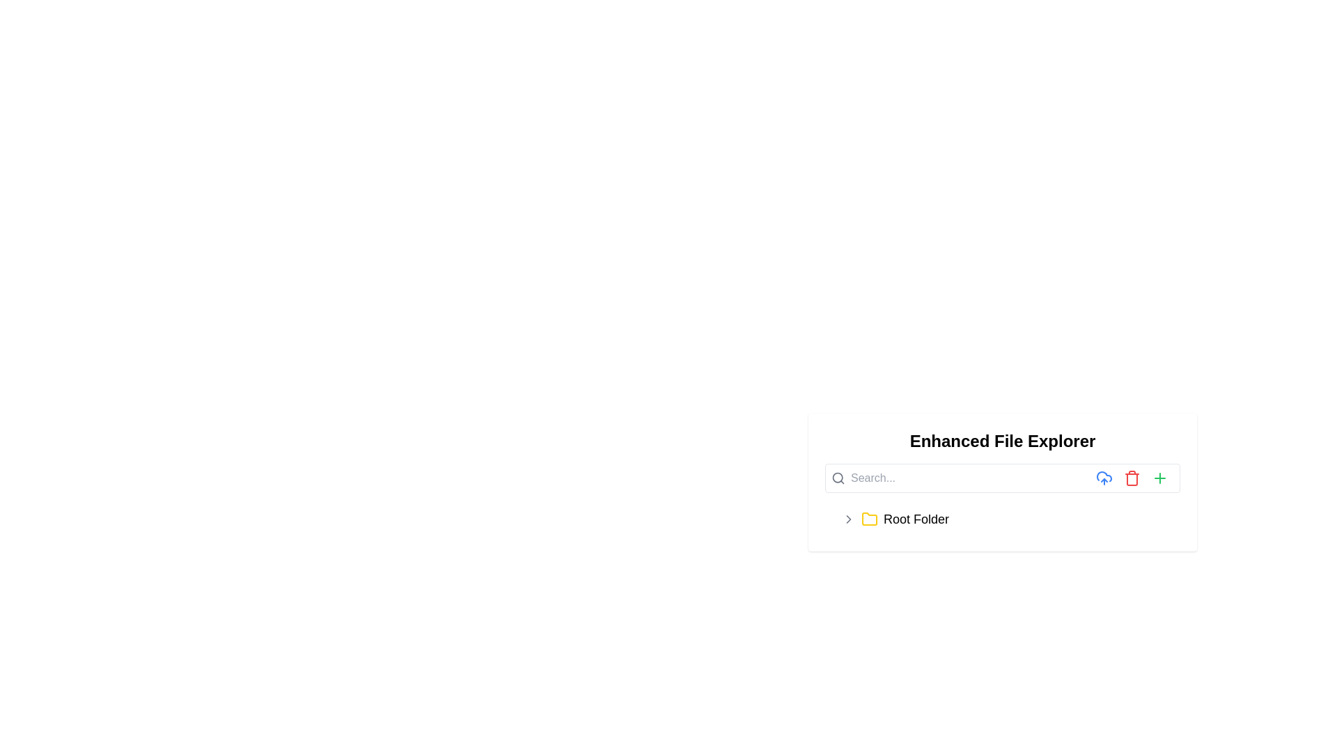 The height and width of the screenshot is (752, 1337). What do you see at coordinates (837, 477) in the screenshot?
I see `the circle part of the magnifying glass icon, which indicates the search functionality in the file explorer header area` at bounding box center [837, 477].